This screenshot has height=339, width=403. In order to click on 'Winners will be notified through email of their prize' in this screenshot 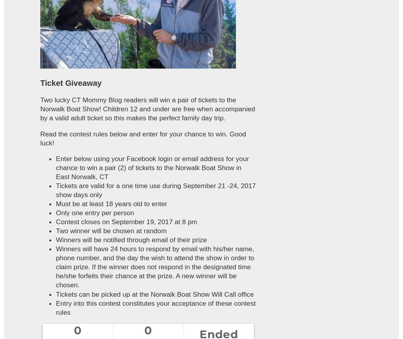, I will do `click(55, 239)`.